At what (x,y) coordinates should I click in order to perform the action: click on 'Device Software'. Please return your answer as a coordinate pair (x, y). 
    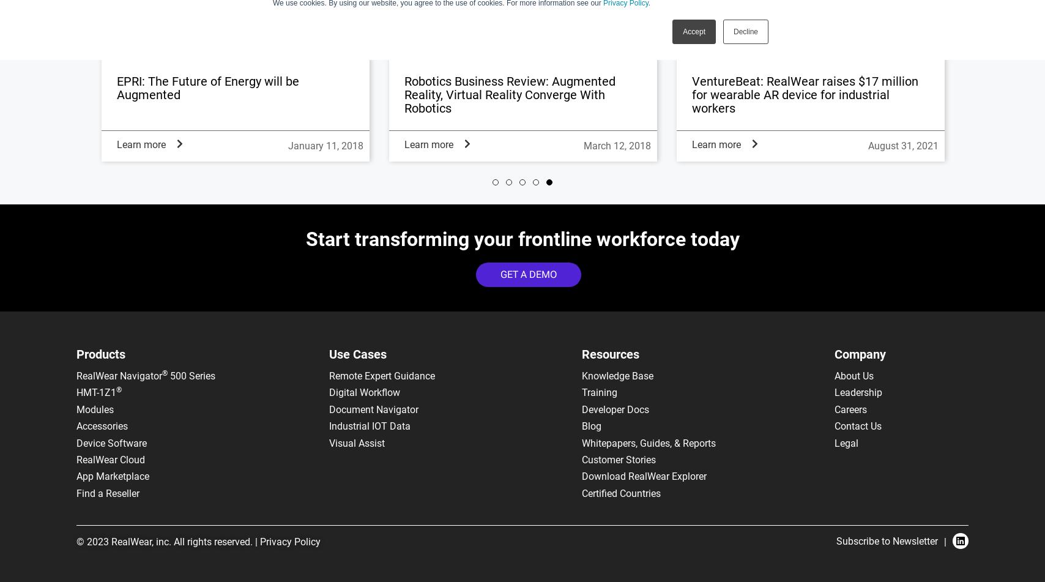
    Looking at the image, I should click on (111, 442).